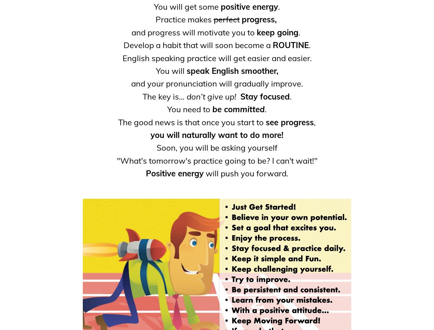 The width and height of the screenshot is (434, 330). I want to click on 'to', so click(245, 32).